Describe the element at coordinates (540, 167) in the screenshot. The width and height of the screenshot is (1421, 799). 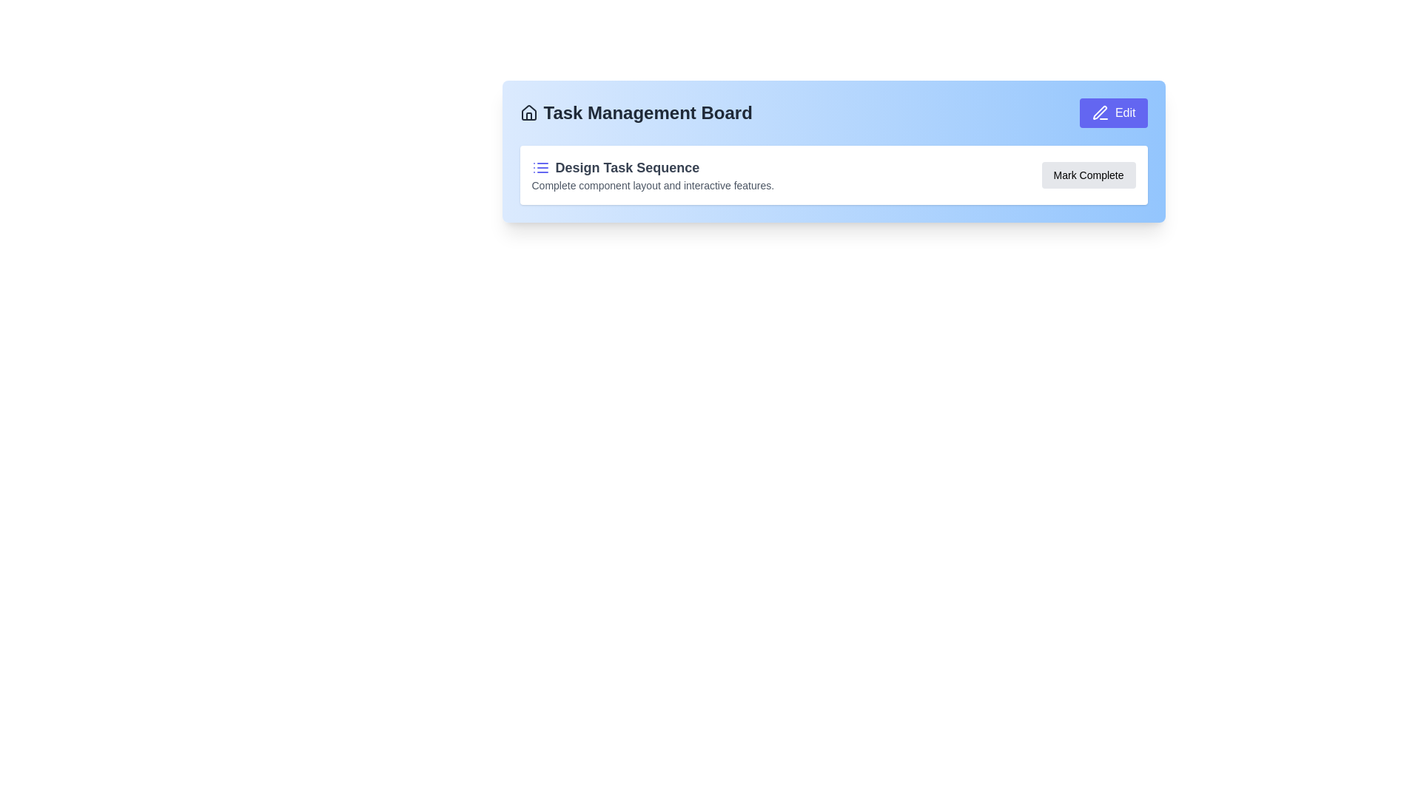
I see `the icon located in the 'Design Task Sequence' section, which serves as a visual indicator on the leftmost side adjacent to the title text` at that location.